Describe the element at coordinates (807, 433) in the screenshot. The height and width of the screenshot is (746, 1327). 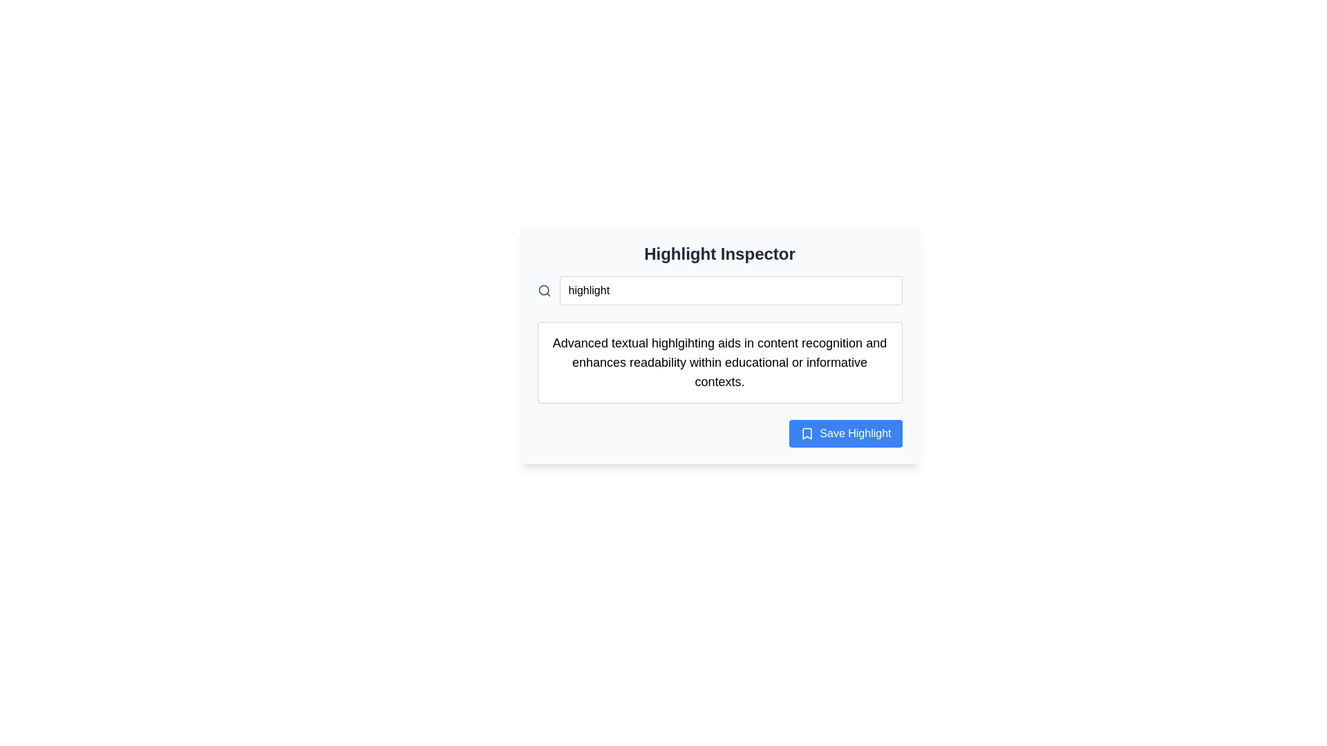
I see `the 'Save Highlight' button, which contains a bookmark icon styled as an outline drawing of an open book page and bookmark tassel, located in the bottom-right corner of the interface panel` at that location.